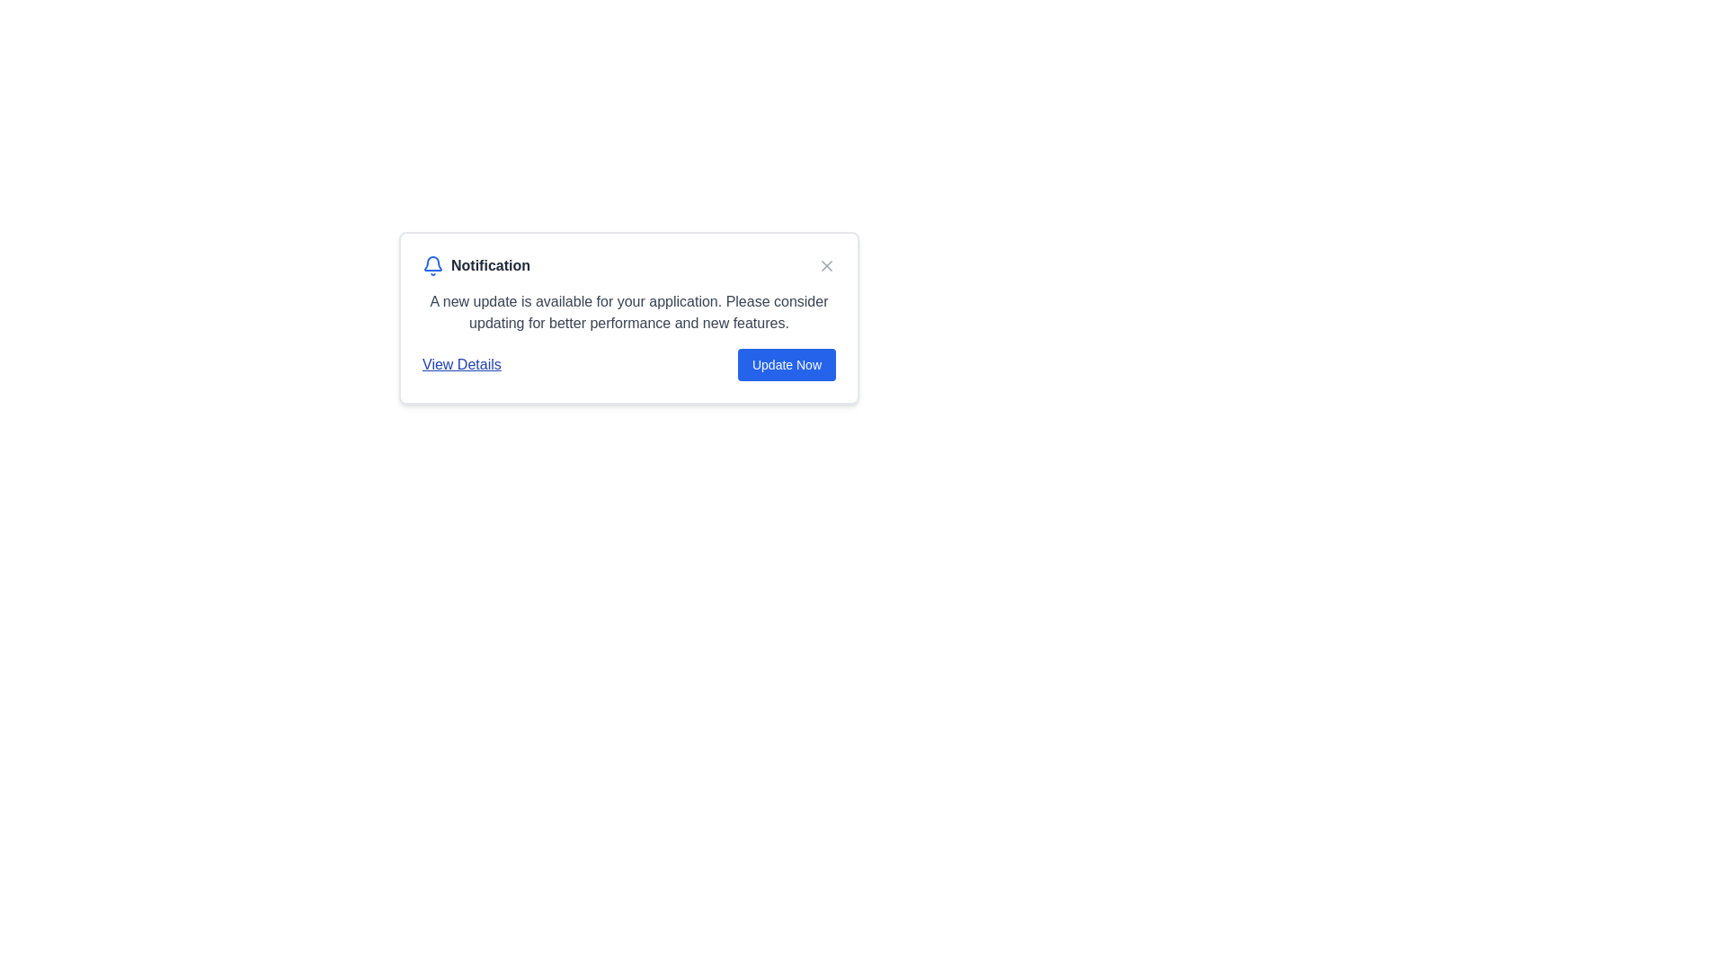 This screenshot has width=1726, height=971. What do you see at coordinates (787, 364) in the screenshot?
I see `the update button located within the notification box, positioned to the right of the 'View Details' link, to change its shade` at bounding box center [787, 364].